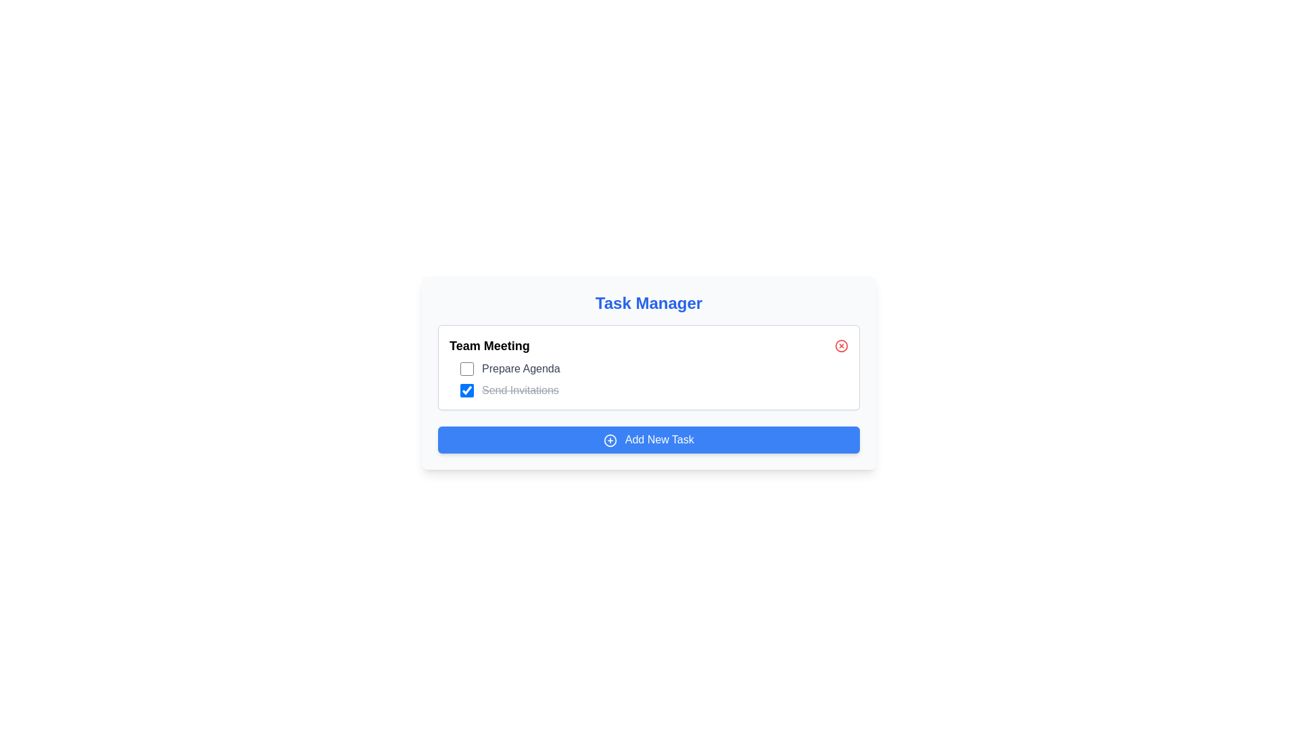 Image resolution: width=1298 pixels, height=730 pixels. Describe the element at coordinates (489, 345) in the screenshot. I see `the Text label indicating 'Team Meeting' in the task management interface, which serves as a header or title for the task` at that location.